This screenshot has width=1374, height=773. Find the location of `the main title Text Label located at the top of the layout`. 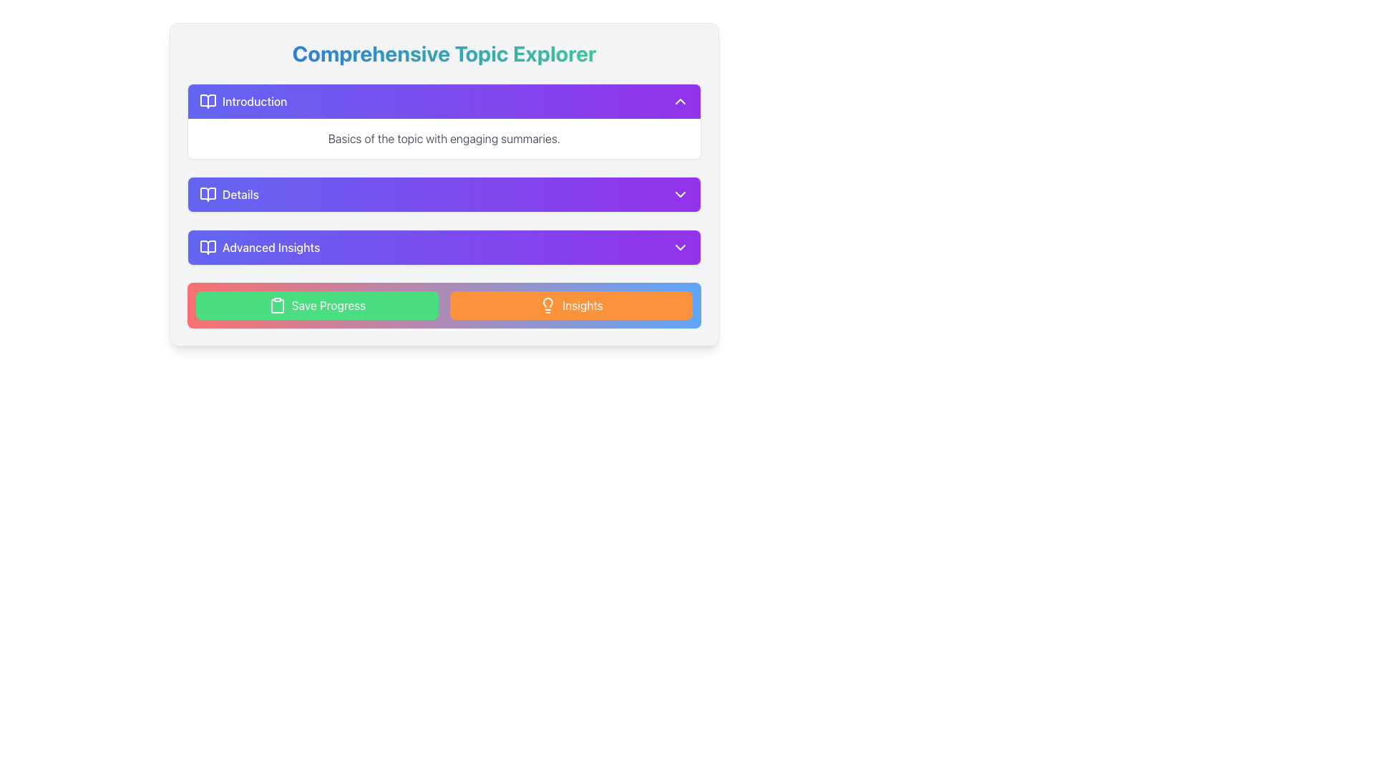

the main title Text Label located at the top of the layout is located at coordinates (443, 52).